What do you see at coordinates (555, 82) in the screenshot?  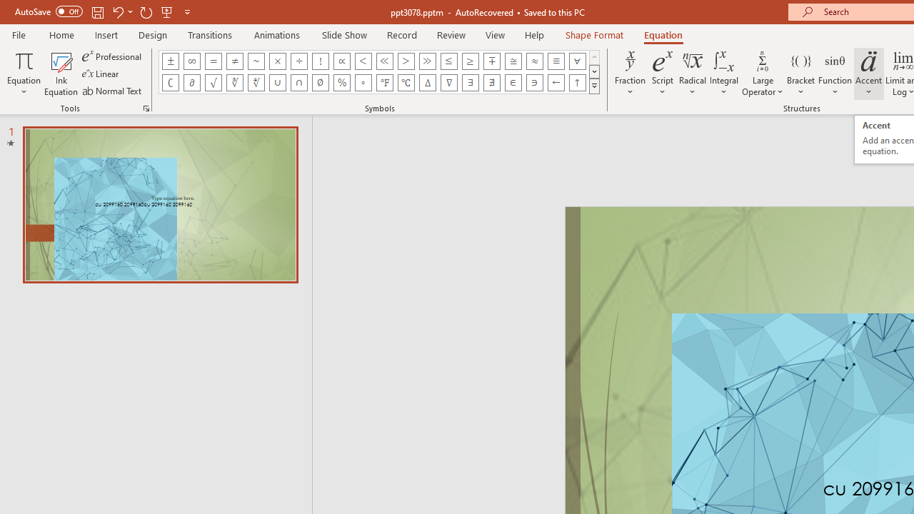 I see `'Equation Symbol Left Arrow'` at bounding box center [555, 82].